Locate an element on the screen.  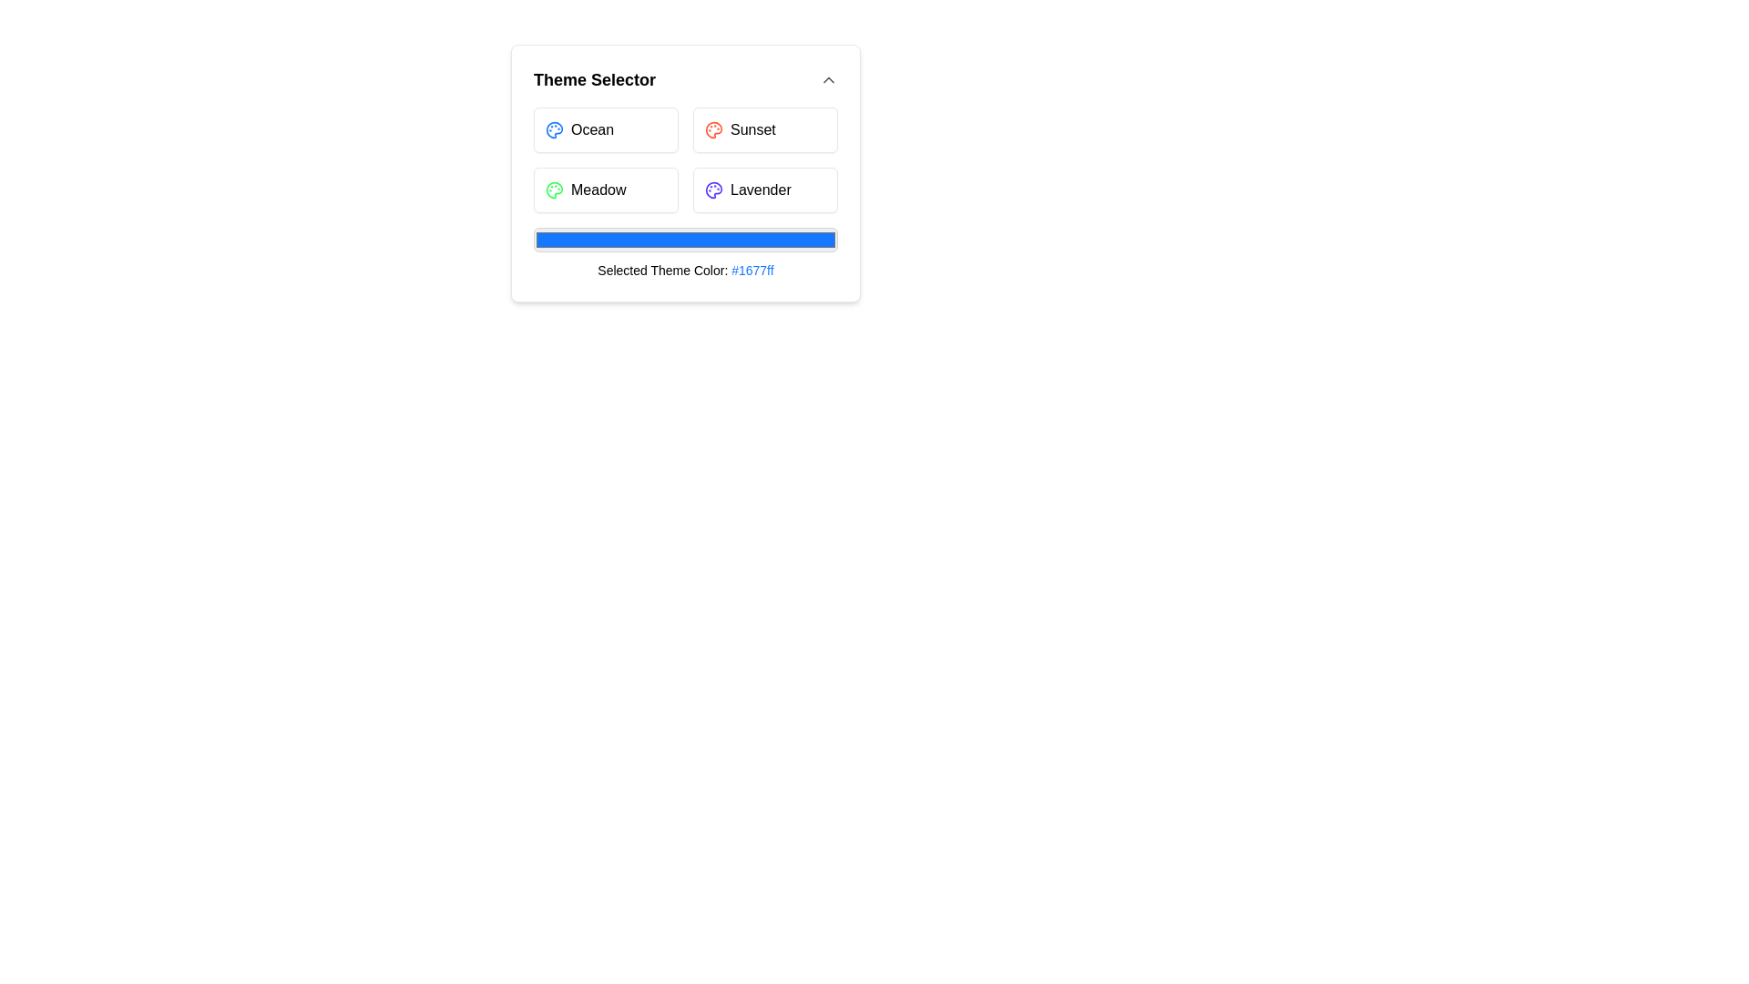
the color change in the 'Theme Selector' card, which is a rectangular card with a white background and sharp shadow edges, containing theme options and a colored bar indicating the selected theme color is located at coordinates (685, 173).